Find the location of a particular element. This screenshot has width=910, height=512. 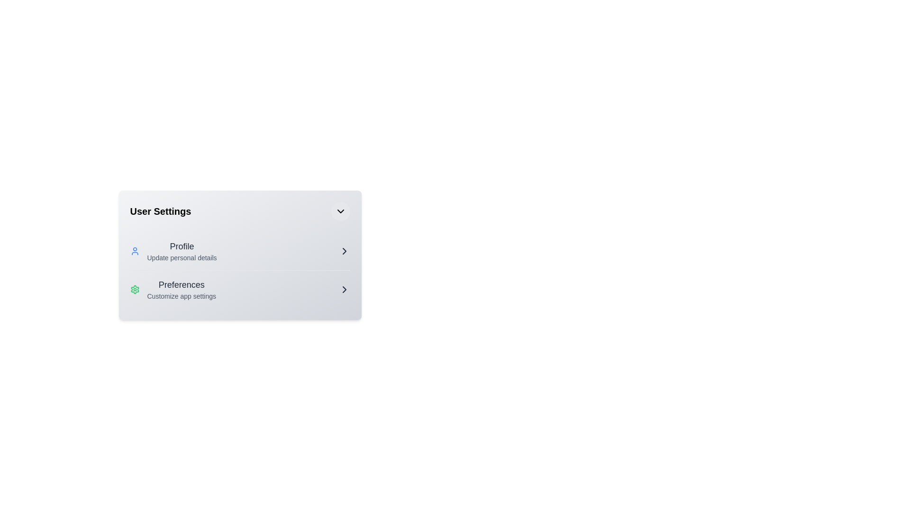

the green gear-shaped icon with a white background located in the 'Preferences' section of the 'User Settings' menu is located at coordinates (134, 289).